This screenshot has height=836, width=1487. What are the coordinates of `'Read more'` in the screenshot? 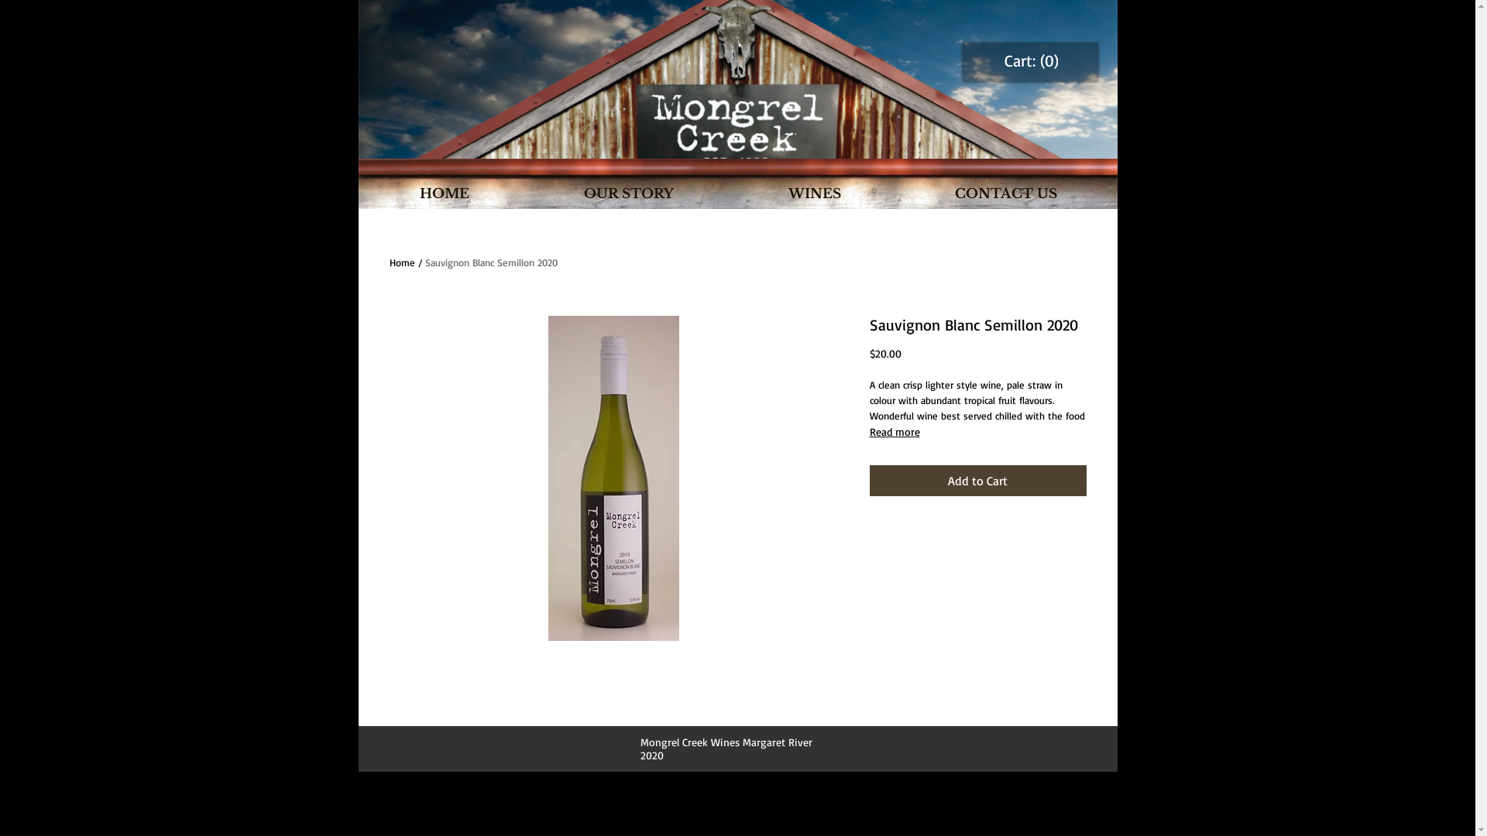 It's located at (977, 432).